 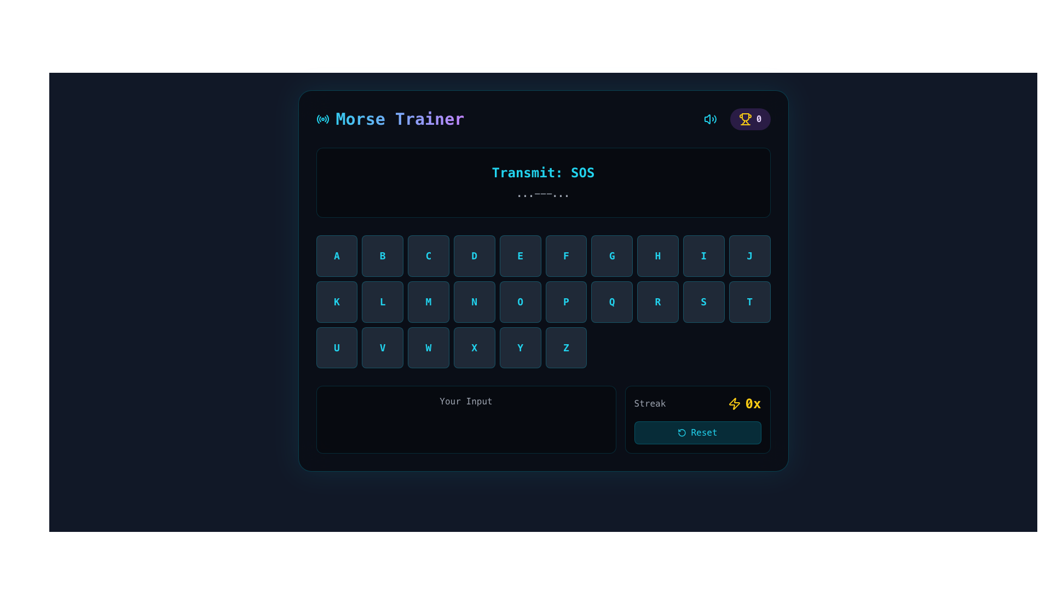 What do you see at coordinates (749, 302) in the screenshot?
I see `the interactive button representing the letter 'T', which is the 20th button in a 5-row grid, located in the second row and last column` at bounding box center [749, 302].